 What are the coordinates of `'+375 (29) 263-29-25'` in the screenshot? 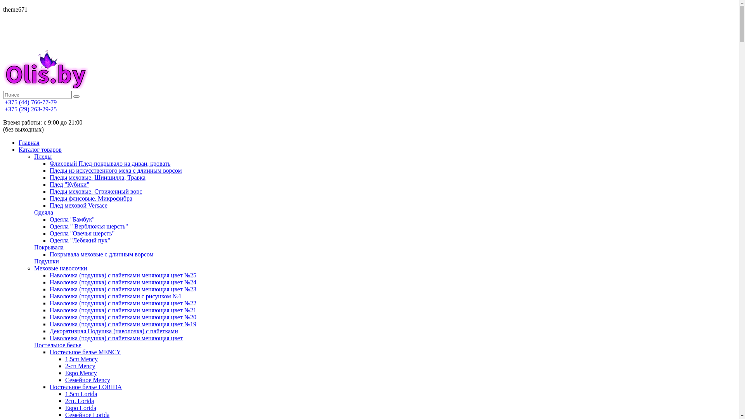 It's located at (30, 109).